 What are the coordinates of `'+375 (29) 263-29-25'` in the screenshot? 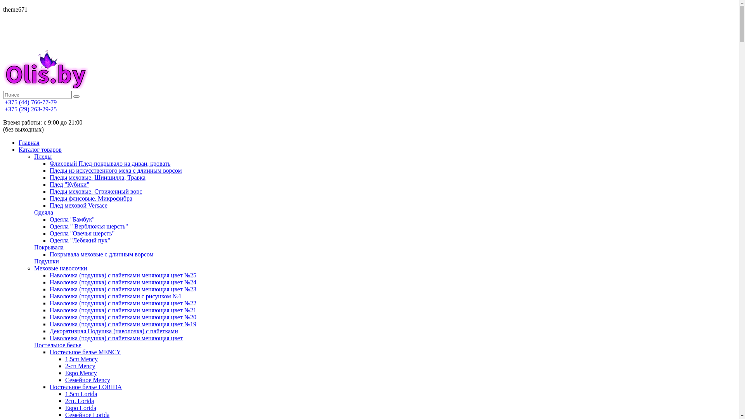 It's located at (30, 109).